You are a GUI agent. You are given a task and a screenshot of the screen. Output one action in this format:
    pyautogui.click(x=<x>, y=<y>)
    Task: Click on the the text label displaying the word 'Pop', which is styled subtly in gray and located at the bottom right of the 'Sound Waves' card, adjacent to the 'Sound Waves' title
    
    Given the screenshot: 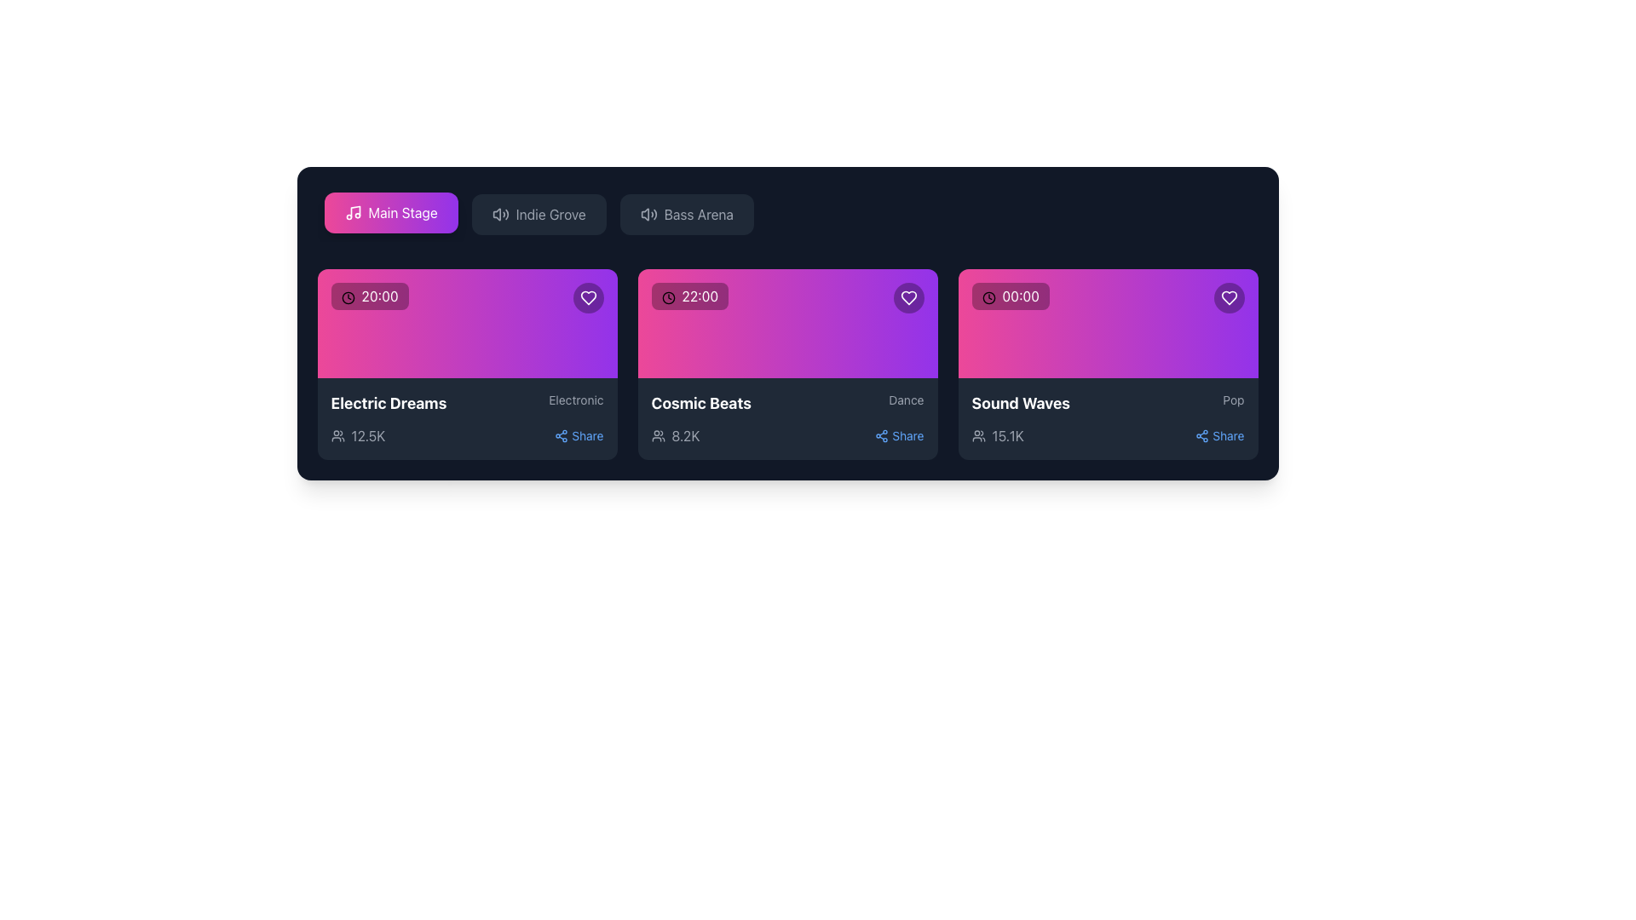 What is the action you would take?
    pyautogui.click(x=1234, y=400)
    